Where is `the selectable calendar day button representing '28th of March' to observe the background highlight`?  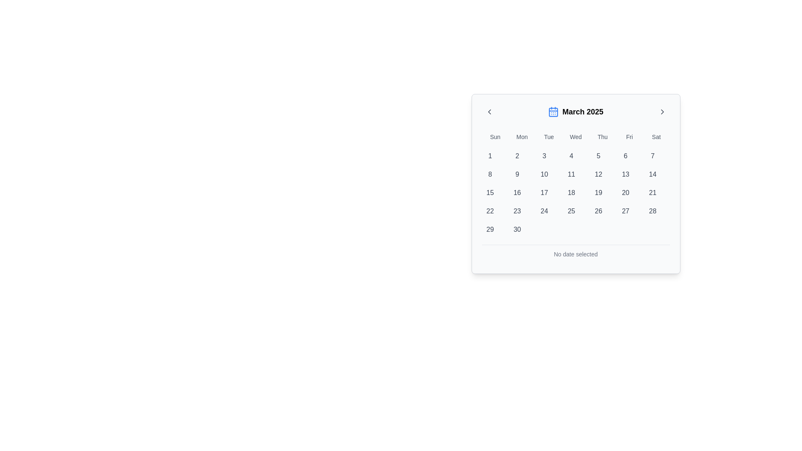
the selectable calendar day button representing '28th of March' to observe the background highlight is located at coordinates (652, 210).